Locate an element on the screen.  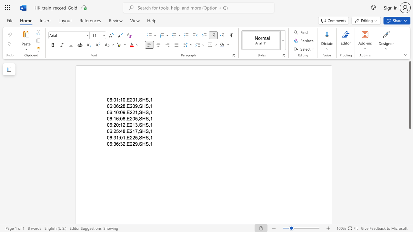
the scrollbar to move the view down is located at coordinates (409, 193).